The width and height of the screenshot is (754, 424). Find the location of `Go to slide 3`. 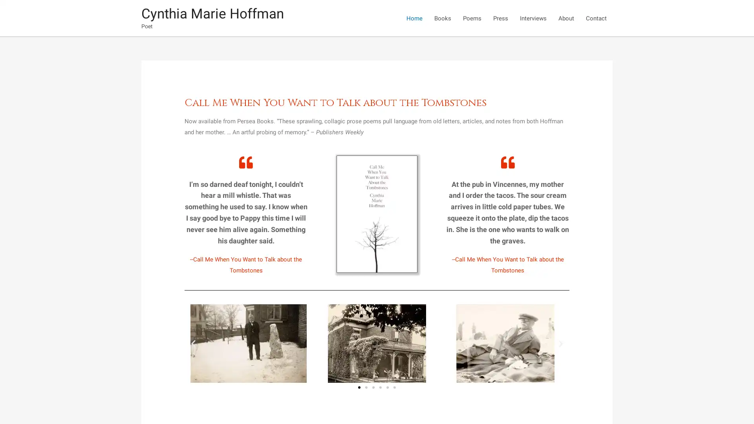

Go to slide 3 is located at coordinates (373, 387).